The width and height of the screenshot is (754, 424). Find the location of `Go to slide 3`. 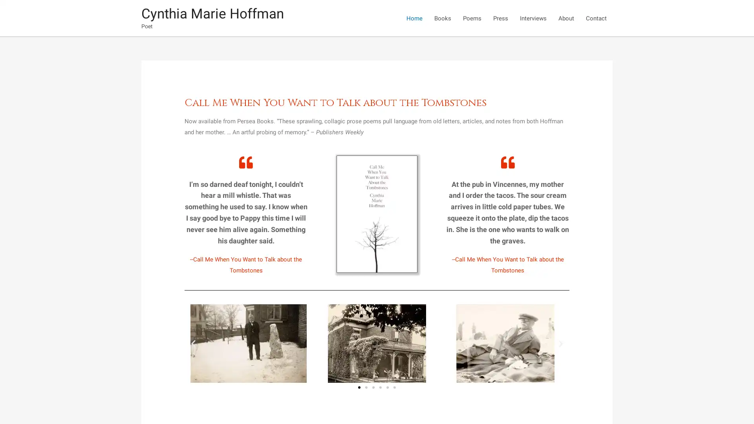

Go to slide 3 is located at coordinates (373, 387).